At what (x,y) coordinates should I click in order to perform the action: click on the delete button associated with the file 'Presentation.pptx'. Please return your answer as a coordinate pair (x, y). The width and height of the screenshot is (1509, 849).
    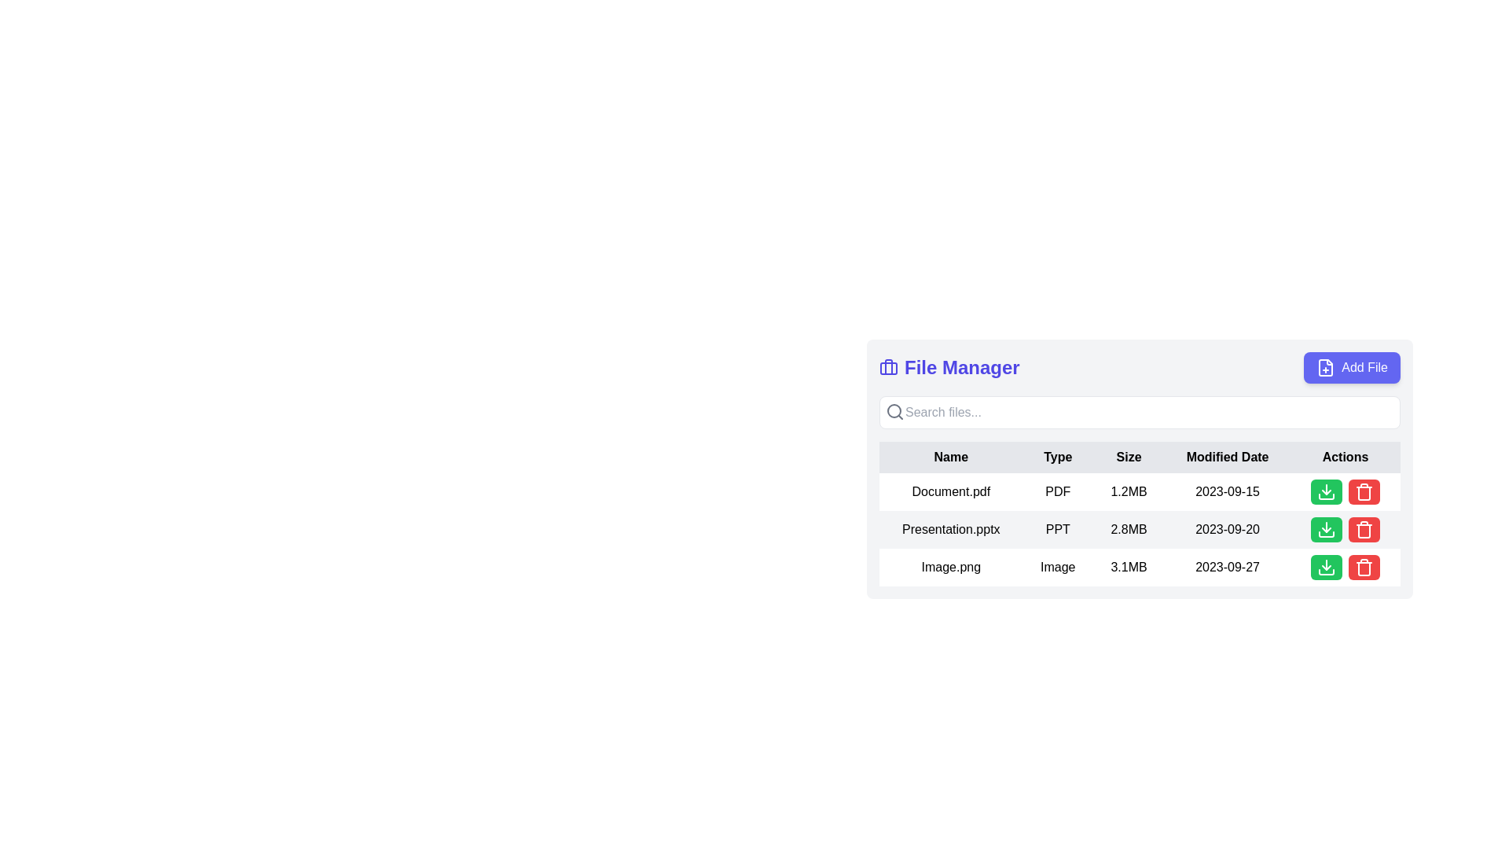
    Looking at the image, I should click on (1364, 530).